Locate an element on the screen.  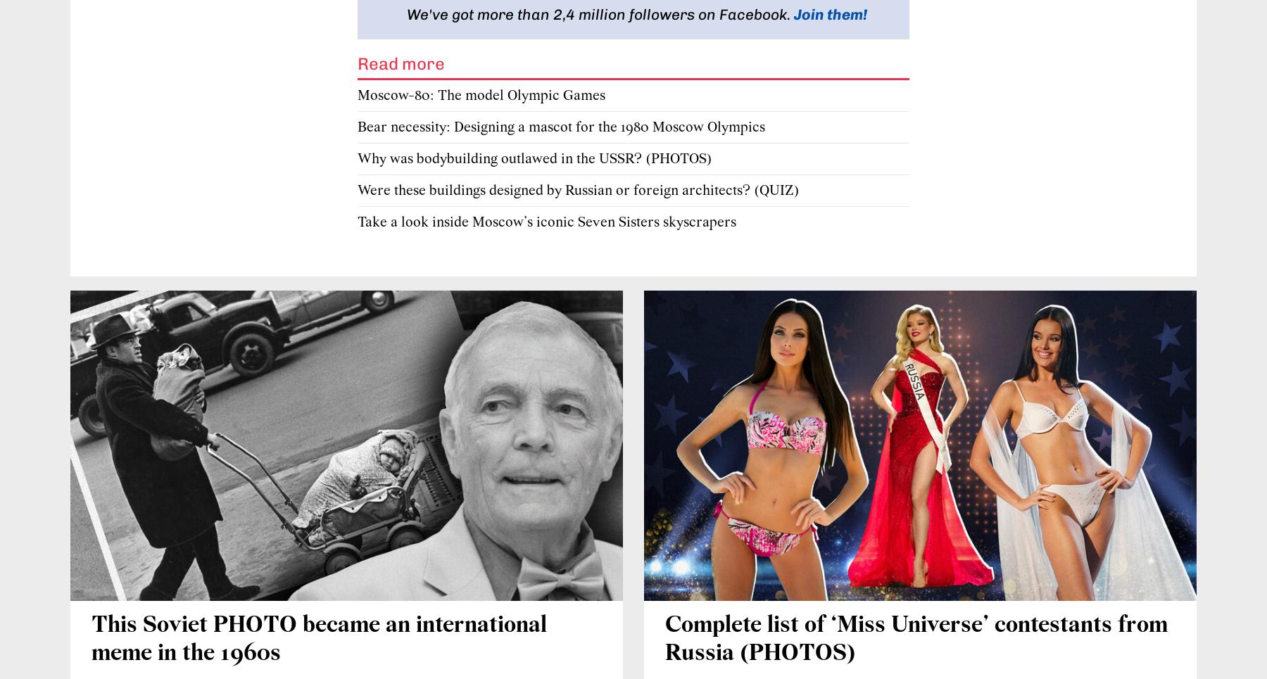
'We've got more than 2,4 million followers on Facebook.' is located at coordinates (600, 13).